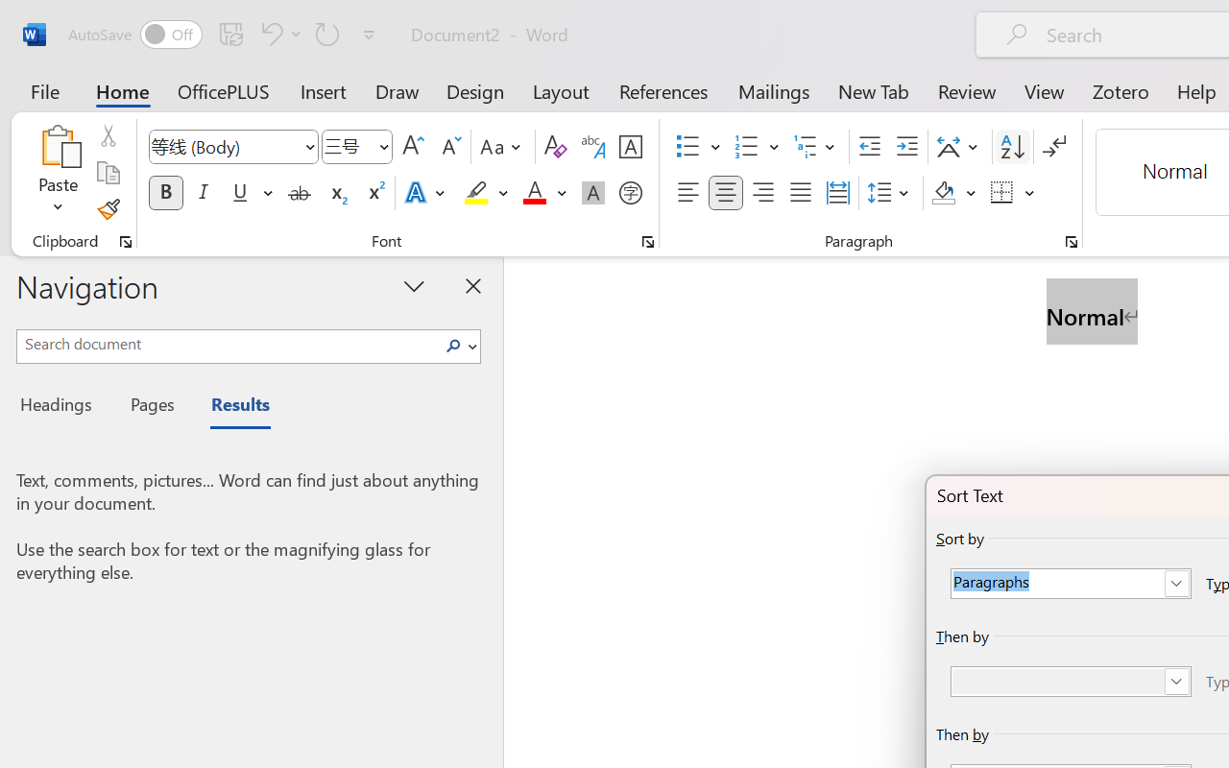 The height and width of the screenshot is (768, 1229). I want to click on 'Italic', so click(204, 193).